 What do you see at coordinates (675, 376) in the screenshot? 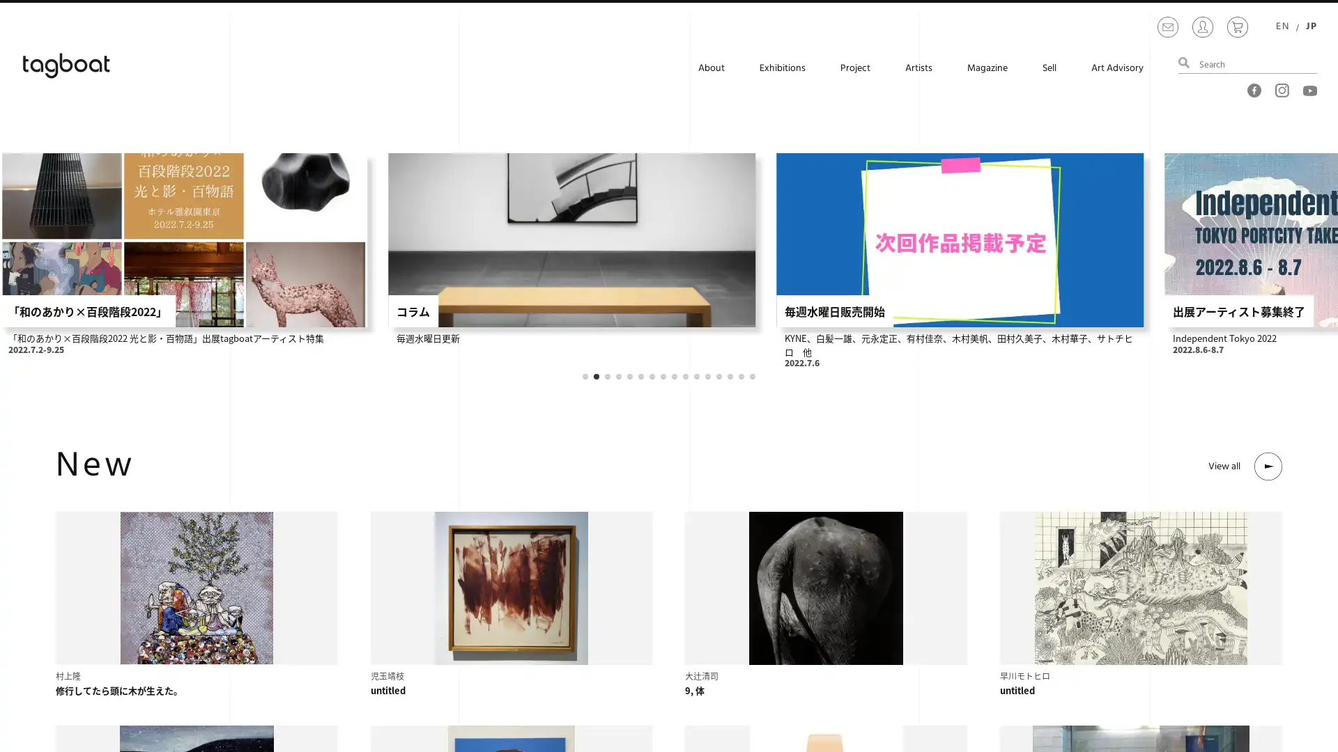
I see `Go to slide 9` at bounding box center [675, 376].